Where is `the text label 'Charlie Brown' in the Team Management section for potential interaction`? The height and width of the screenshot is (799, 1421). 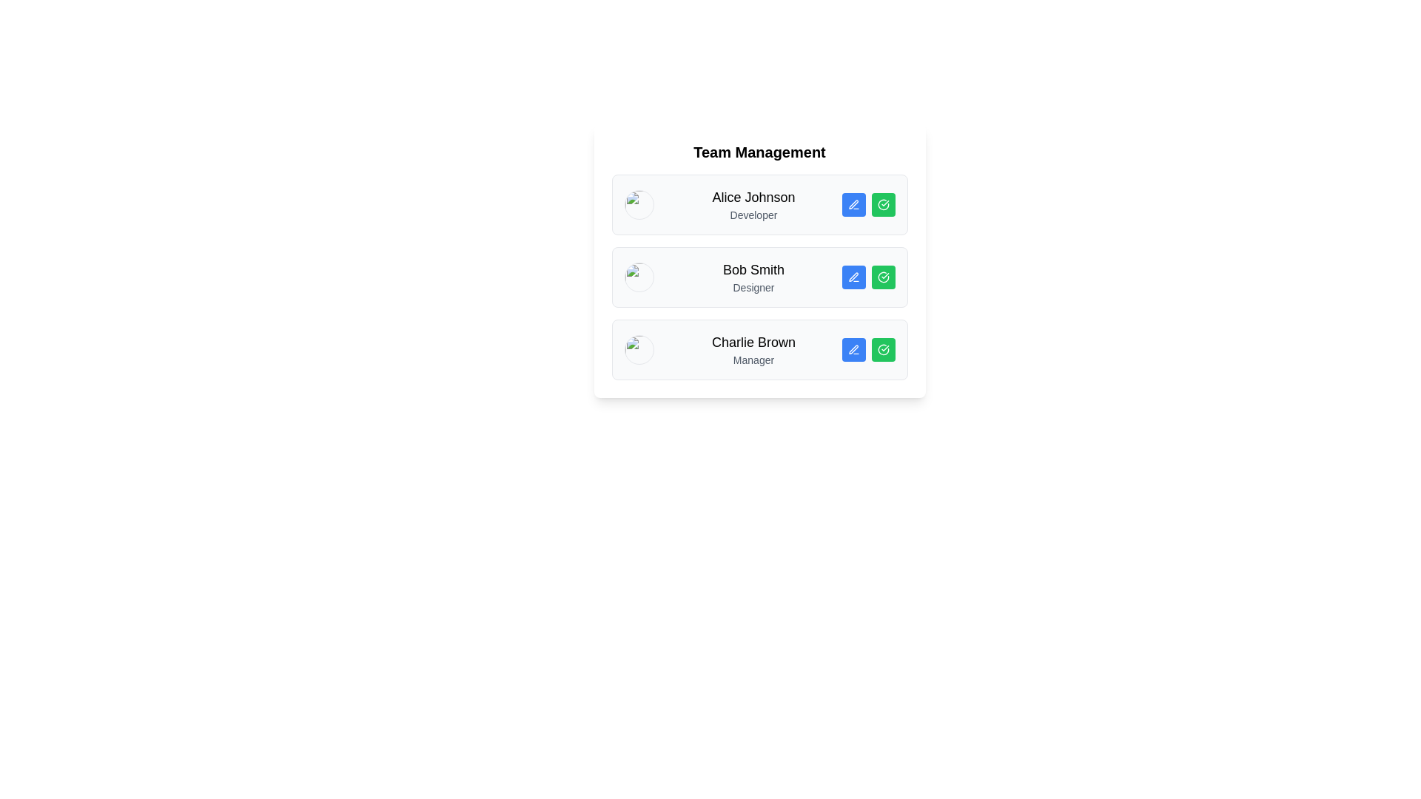
the text label 'Charlie Brown' in the Team Management section for potential interaction is located at coordinates (753, 342).